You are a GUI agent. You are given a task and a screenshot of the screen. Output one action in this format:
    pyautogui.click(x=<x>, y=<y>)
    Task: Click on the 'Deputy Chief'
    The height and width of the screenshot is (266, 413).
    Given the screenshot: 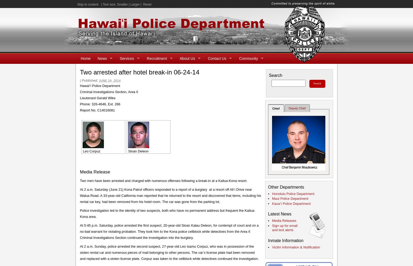 What is the action you would take?
    pyautogui.click(x=297, y=108)
    